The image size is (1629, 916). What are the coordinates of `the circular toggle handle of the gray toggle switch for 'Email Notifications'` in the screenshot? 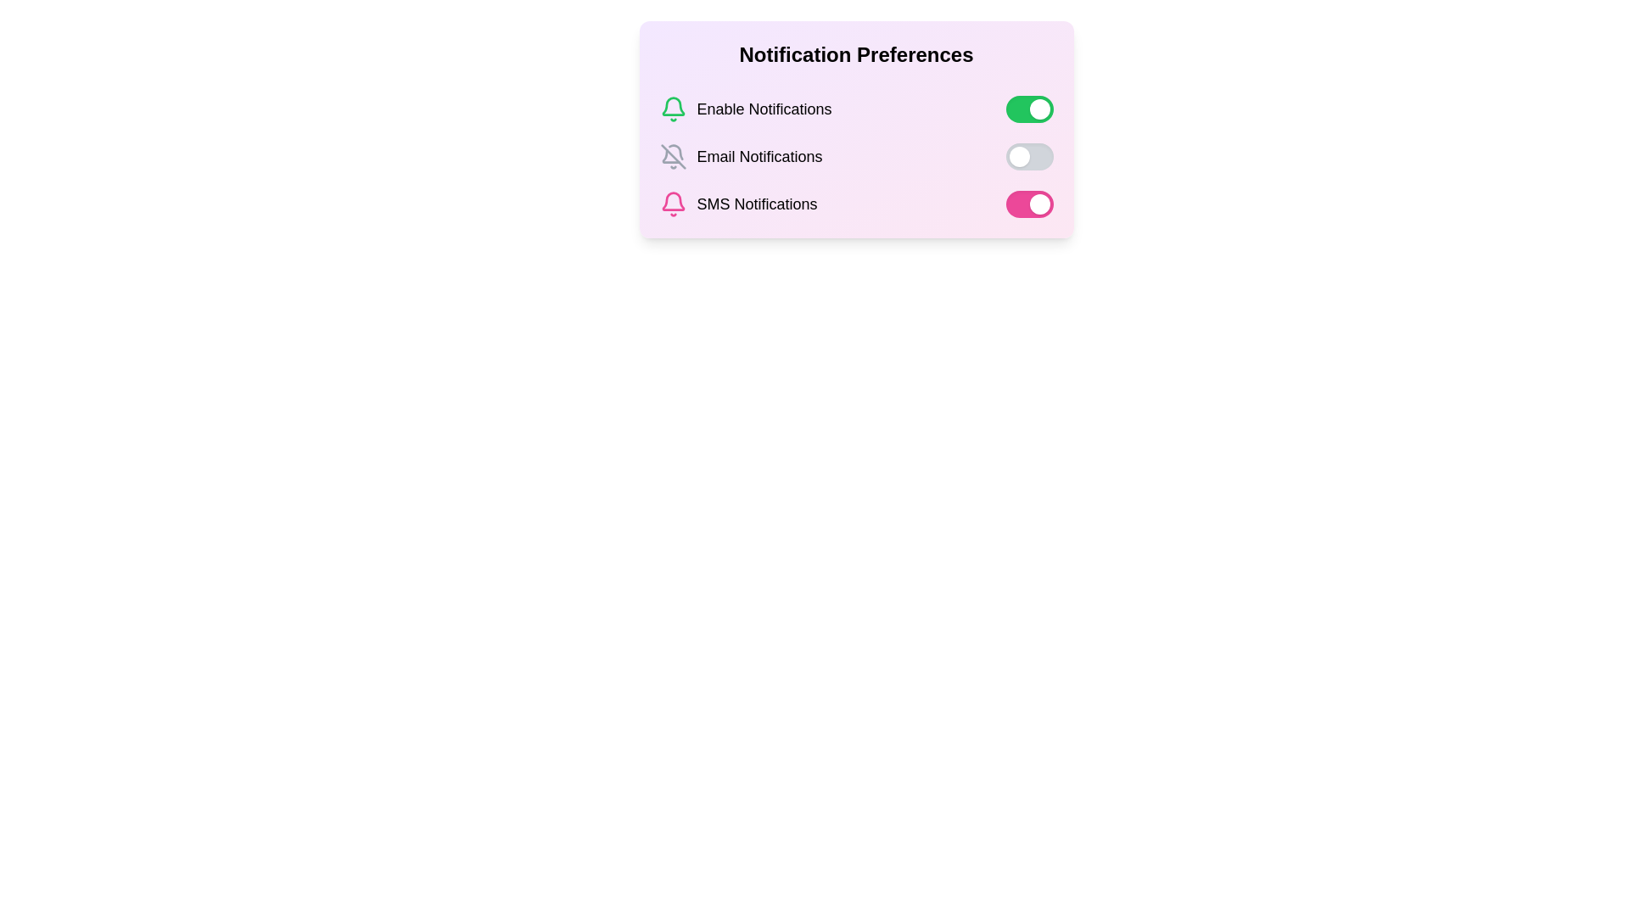 It's located at (1018, 157).